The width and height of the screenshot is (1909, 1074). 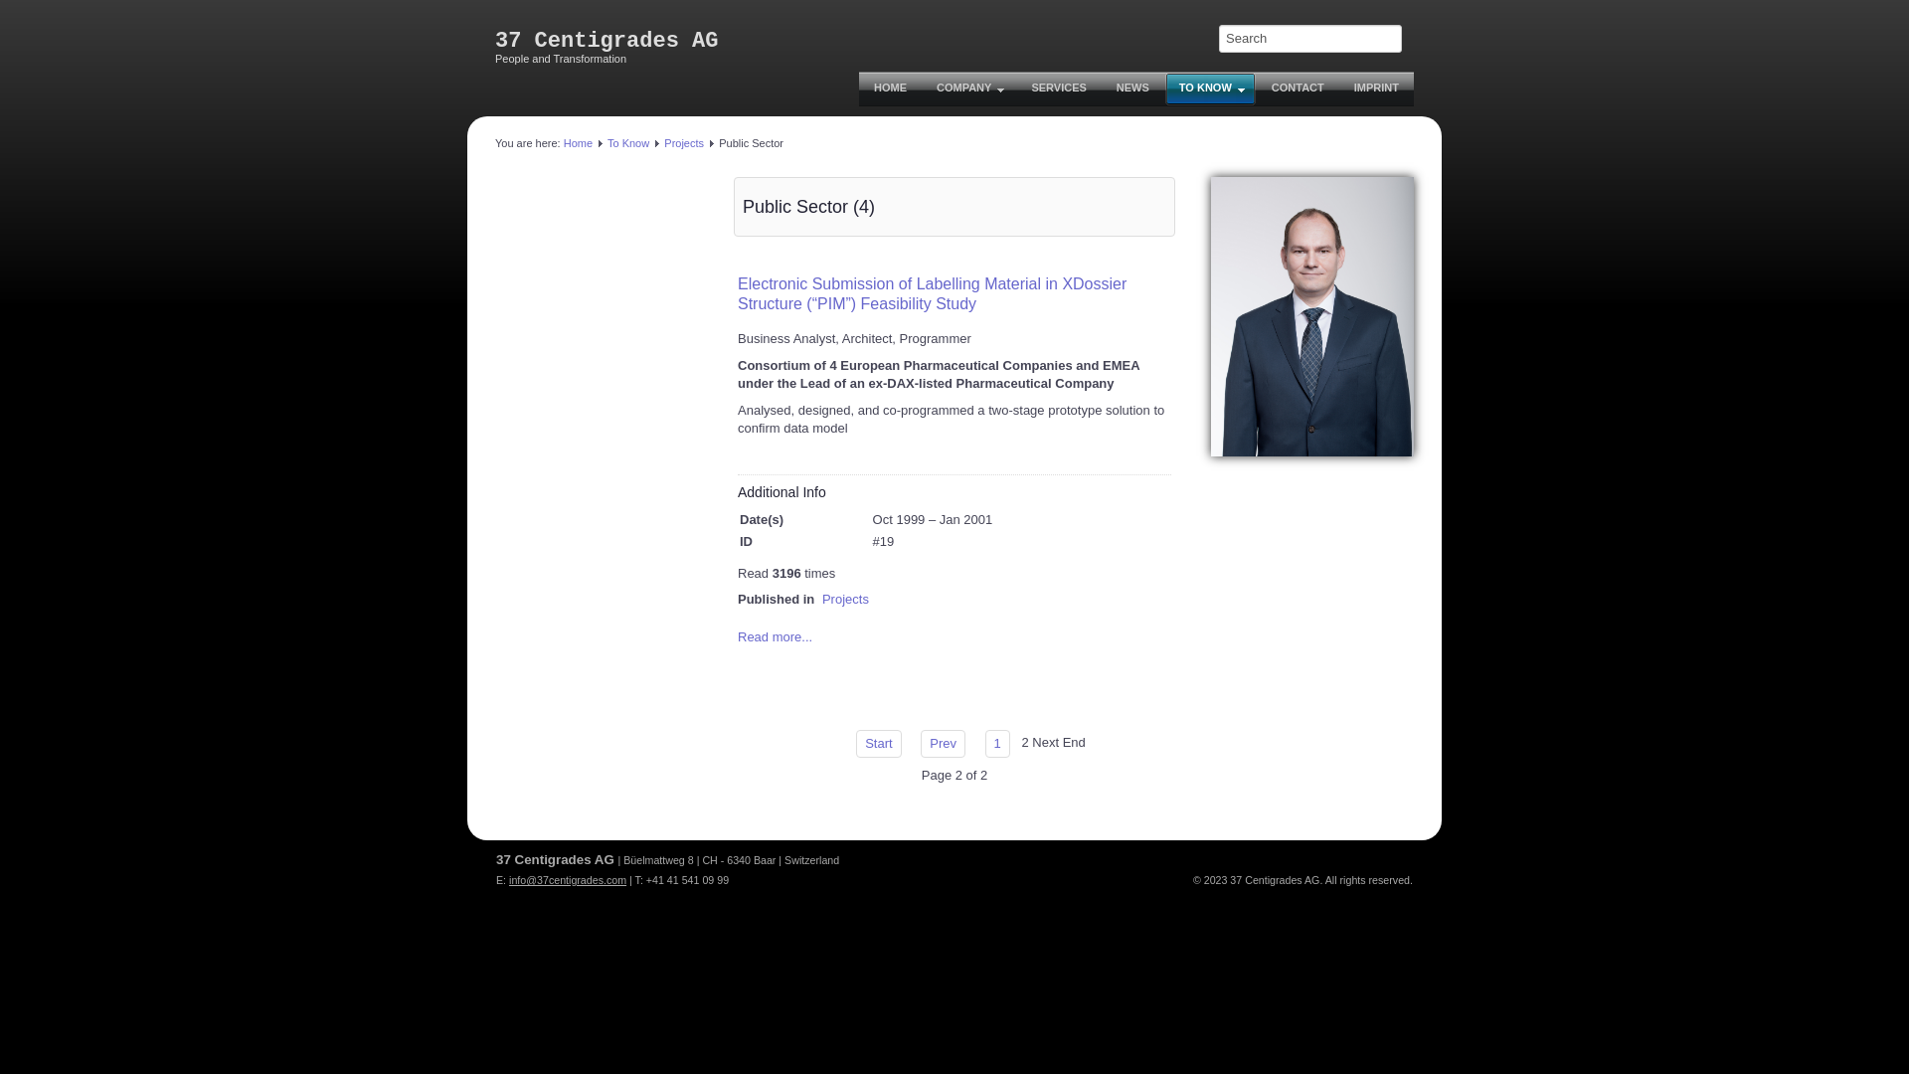 What do you see at coordinates (1375, 88) in the screenshot?
I see `'IMPRINT'` at bounding box center [1375, 88].